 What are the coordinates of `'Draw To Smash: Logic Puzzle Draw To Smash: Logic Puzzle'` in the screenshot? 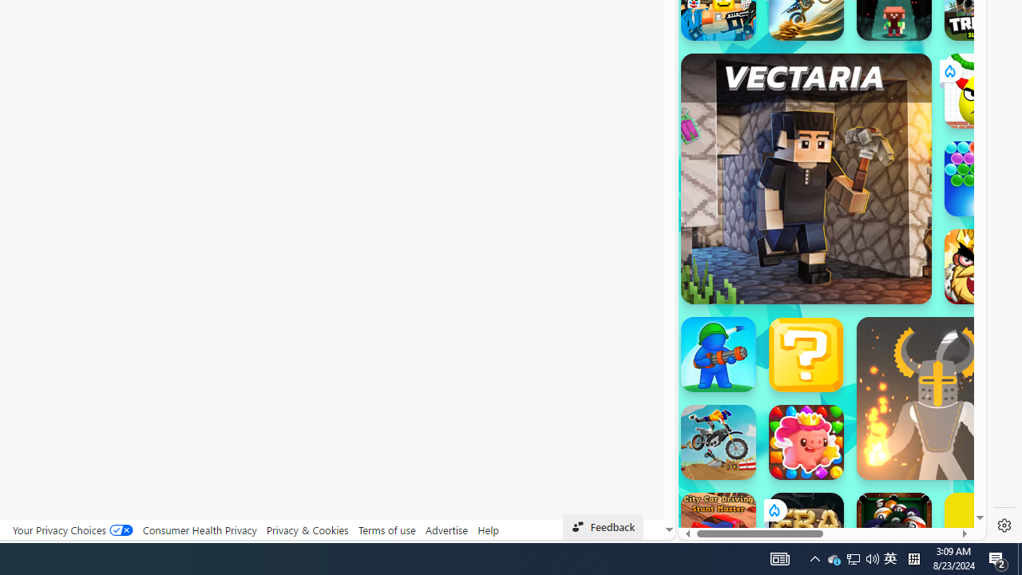 It's located at (981, 91).